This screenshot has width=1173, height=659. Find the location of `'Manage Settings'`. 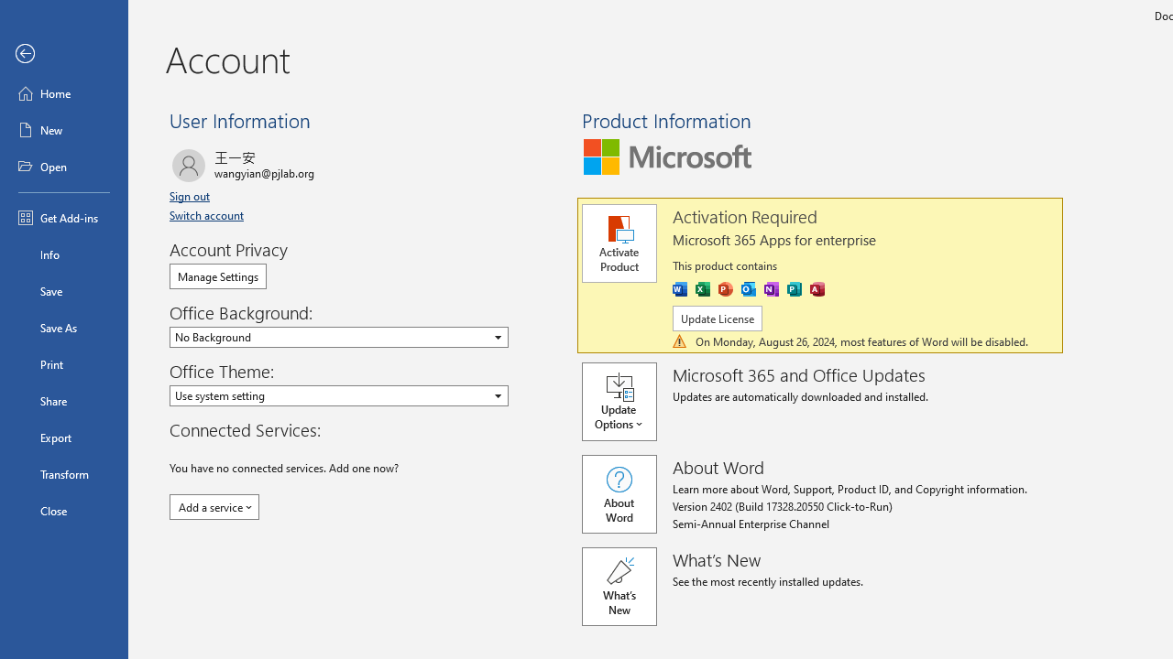

'Manage Settings' is located at coordinates (218, 276).